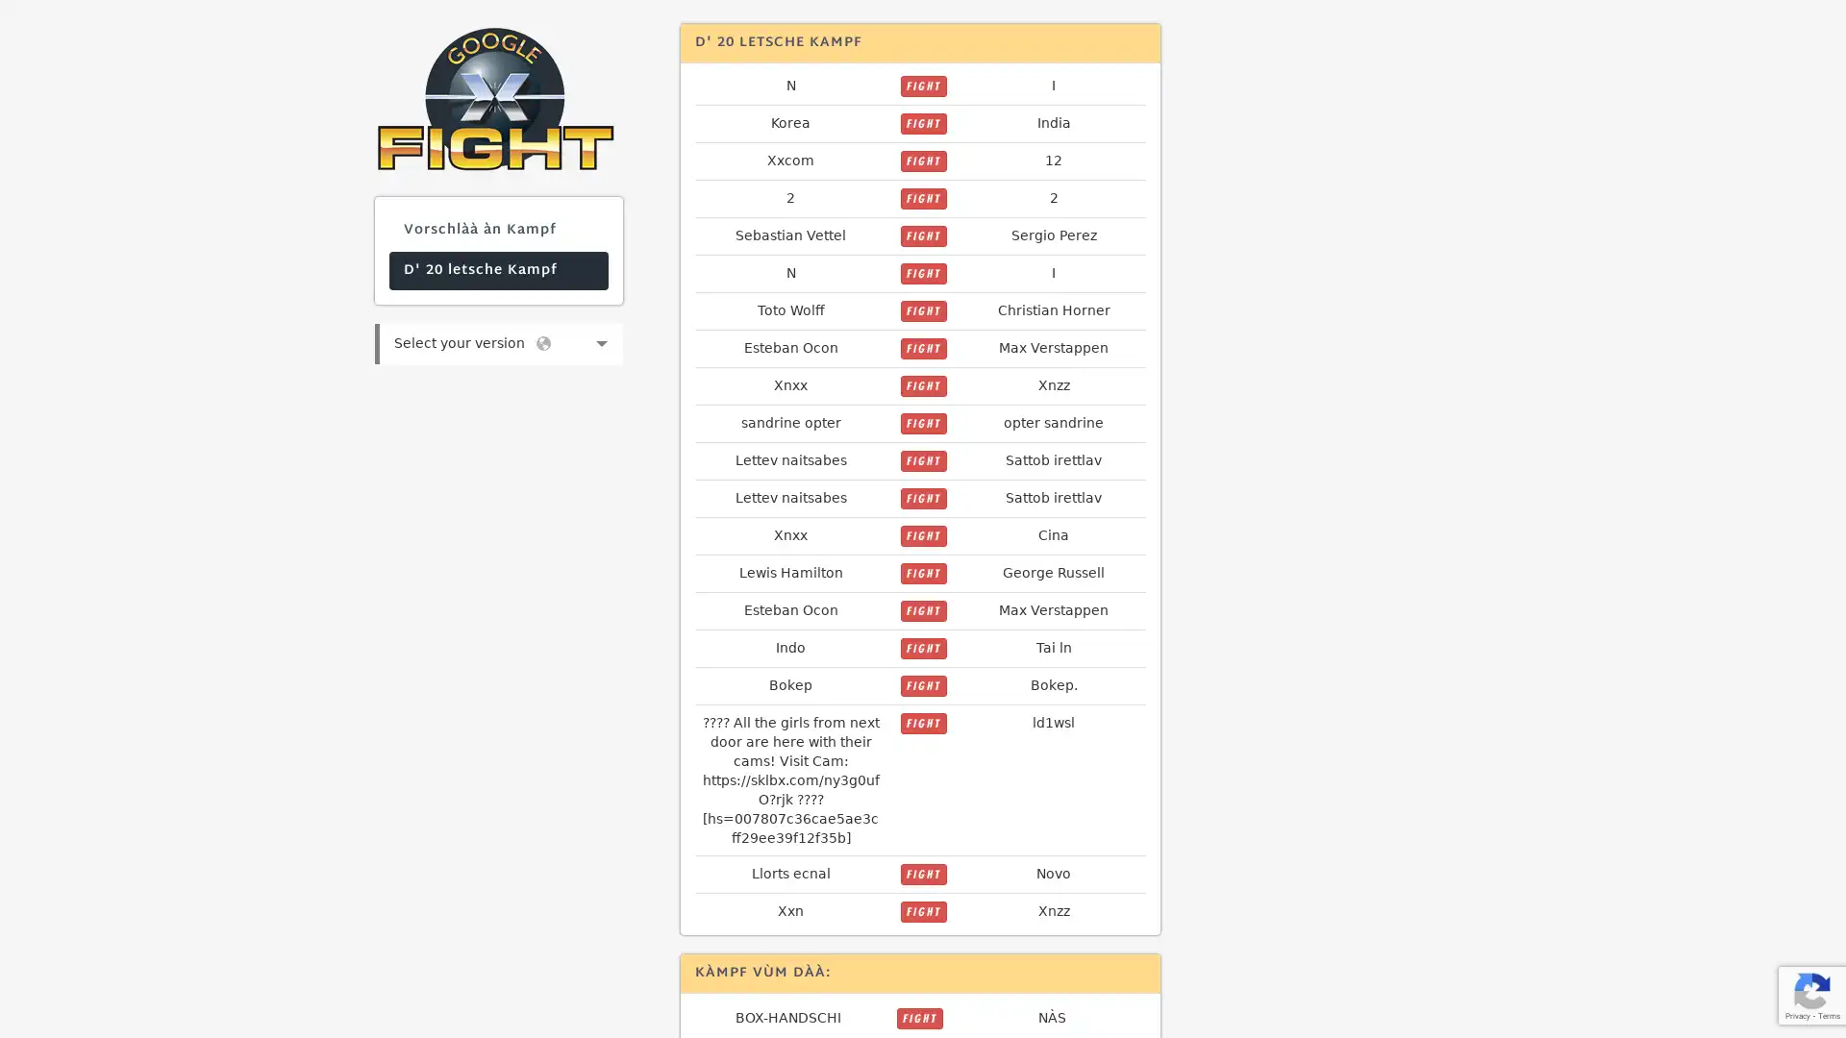 Image resolution: width=1846 pixels, height=1038 pixels. I want to click on FIGHT, so click(918, 1018).